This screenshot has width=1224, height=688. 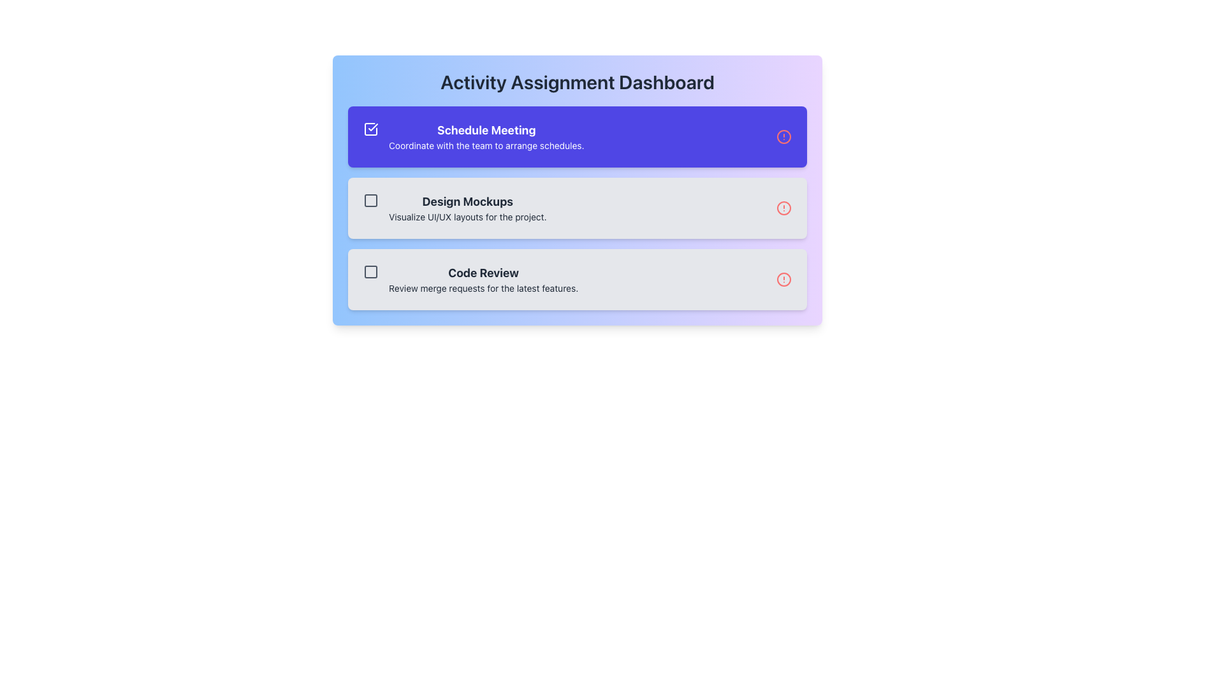 What do you see at coordinates (473, 137) in the screenshot?
I see `the Text block with supporting icon that provides information about the task 'Schedule Meeting' in the uppermost card of the Activity Assignment Dashboard to trigger hover effects` at bounding box center [473, 137].